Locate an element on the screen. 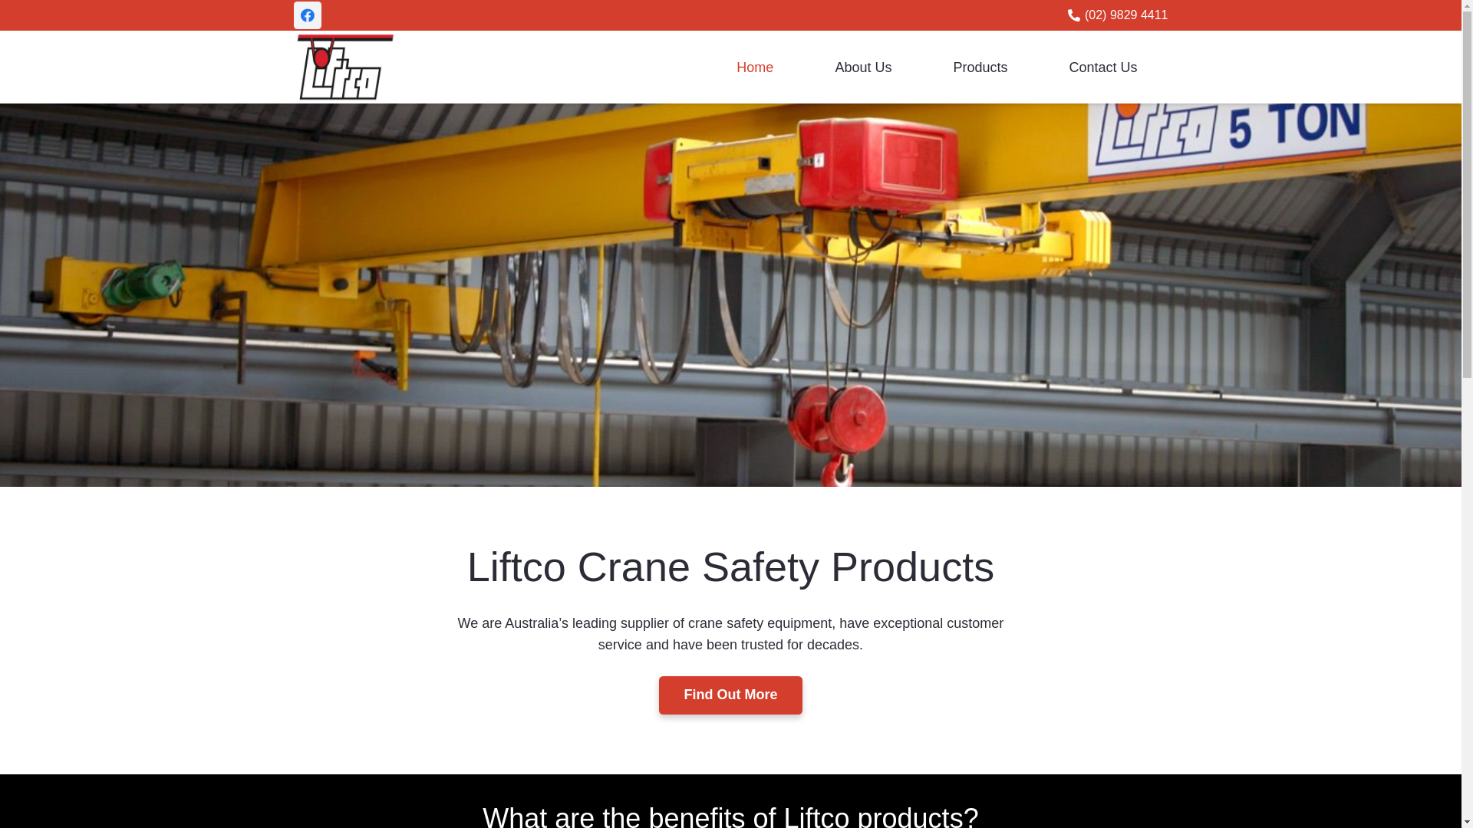  'Home' is located at coordinates (754, 66).